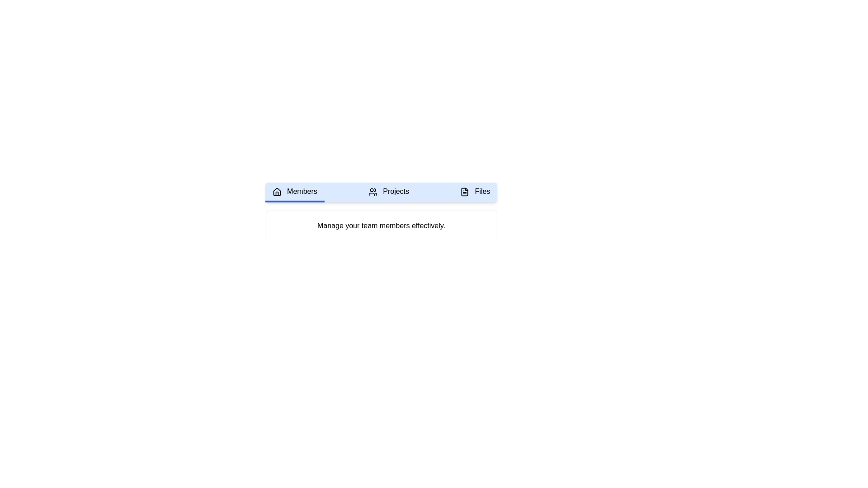 This screenshot has height=488, width=868. Describe the element at coordinates (465, 191) in the screenshot. I see `the text lines sub-component of the file icon located on the top navigation bar to the far-right side` at that location.